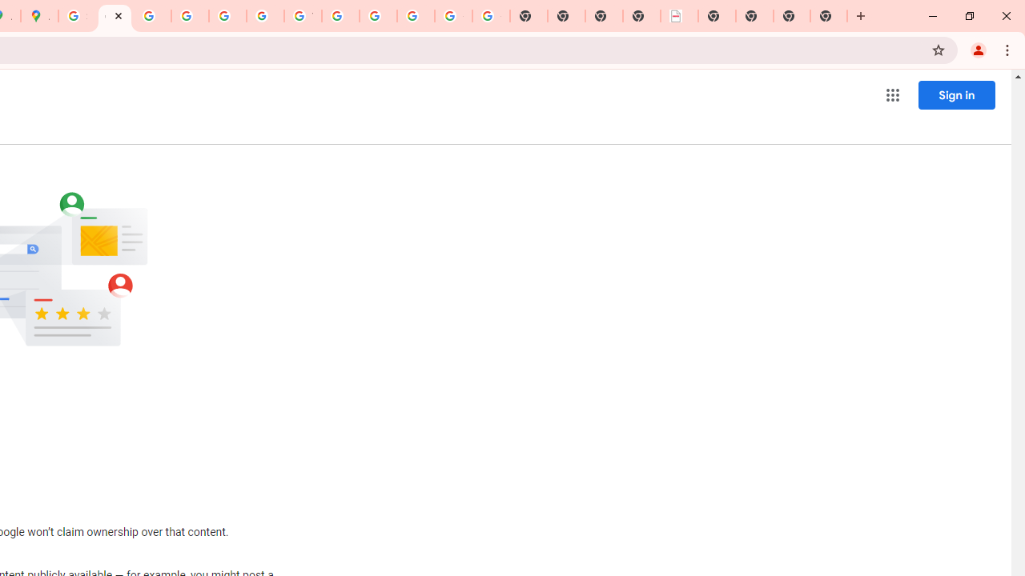 This screenshot has width=1025, height=576. I want to click on 'YouTube', so click(303, 16).